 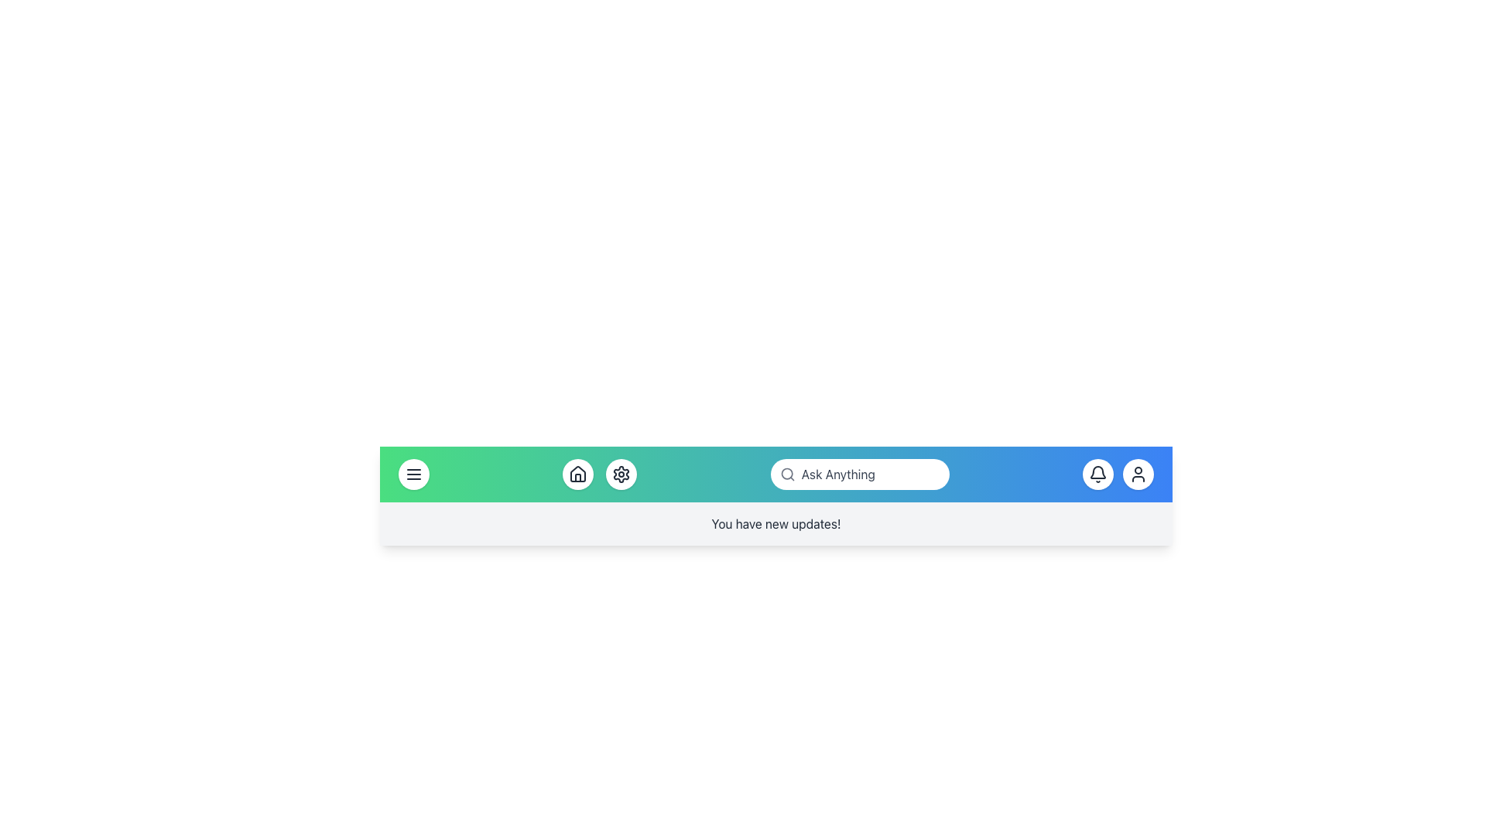 What do you see at coordinates (787, 474) in the screenshot?
I see `the search functionality icon located at the leftmost part of the search bar in the top navigation bar` at bounding box center [787, 474].